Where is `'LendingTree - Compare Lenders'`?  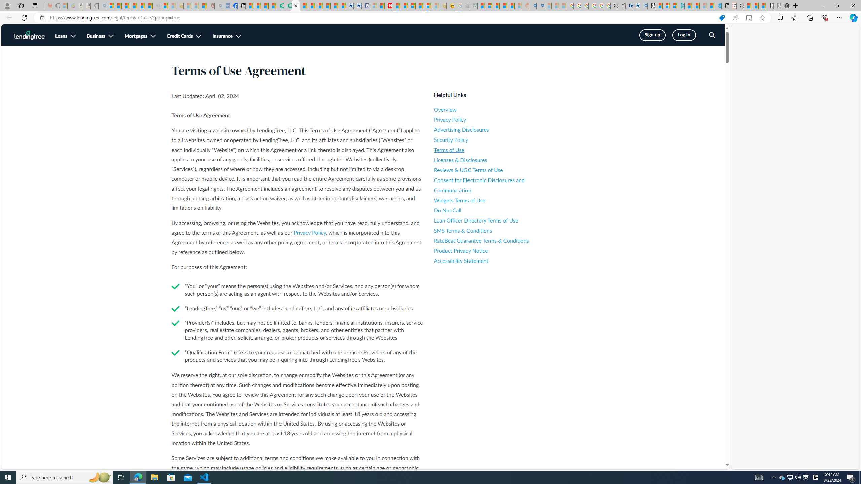 'LendingTree - Compare Lenders' is located at coordinates (280, 5).